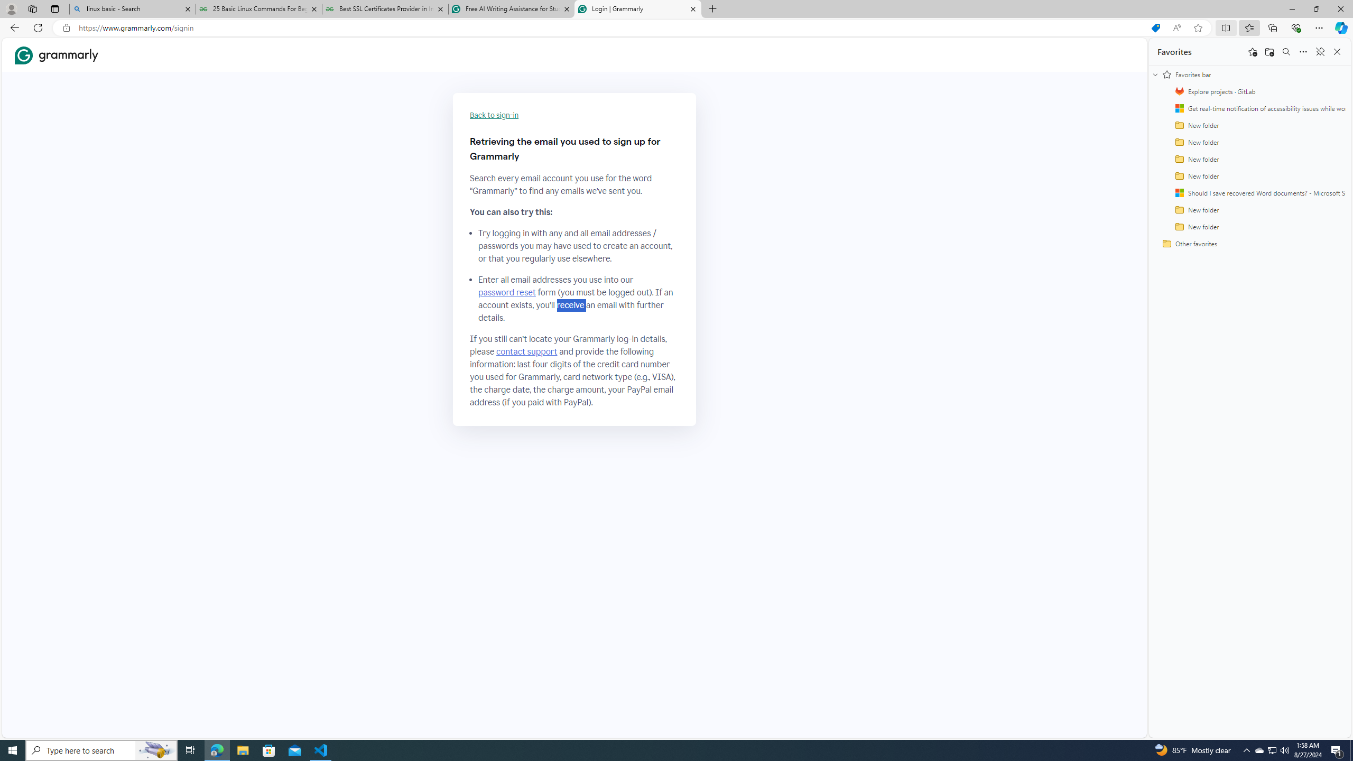  Describe the element at coordinates (56, 55) in the screenshot. I see `'Grammarly Home'` at that location.